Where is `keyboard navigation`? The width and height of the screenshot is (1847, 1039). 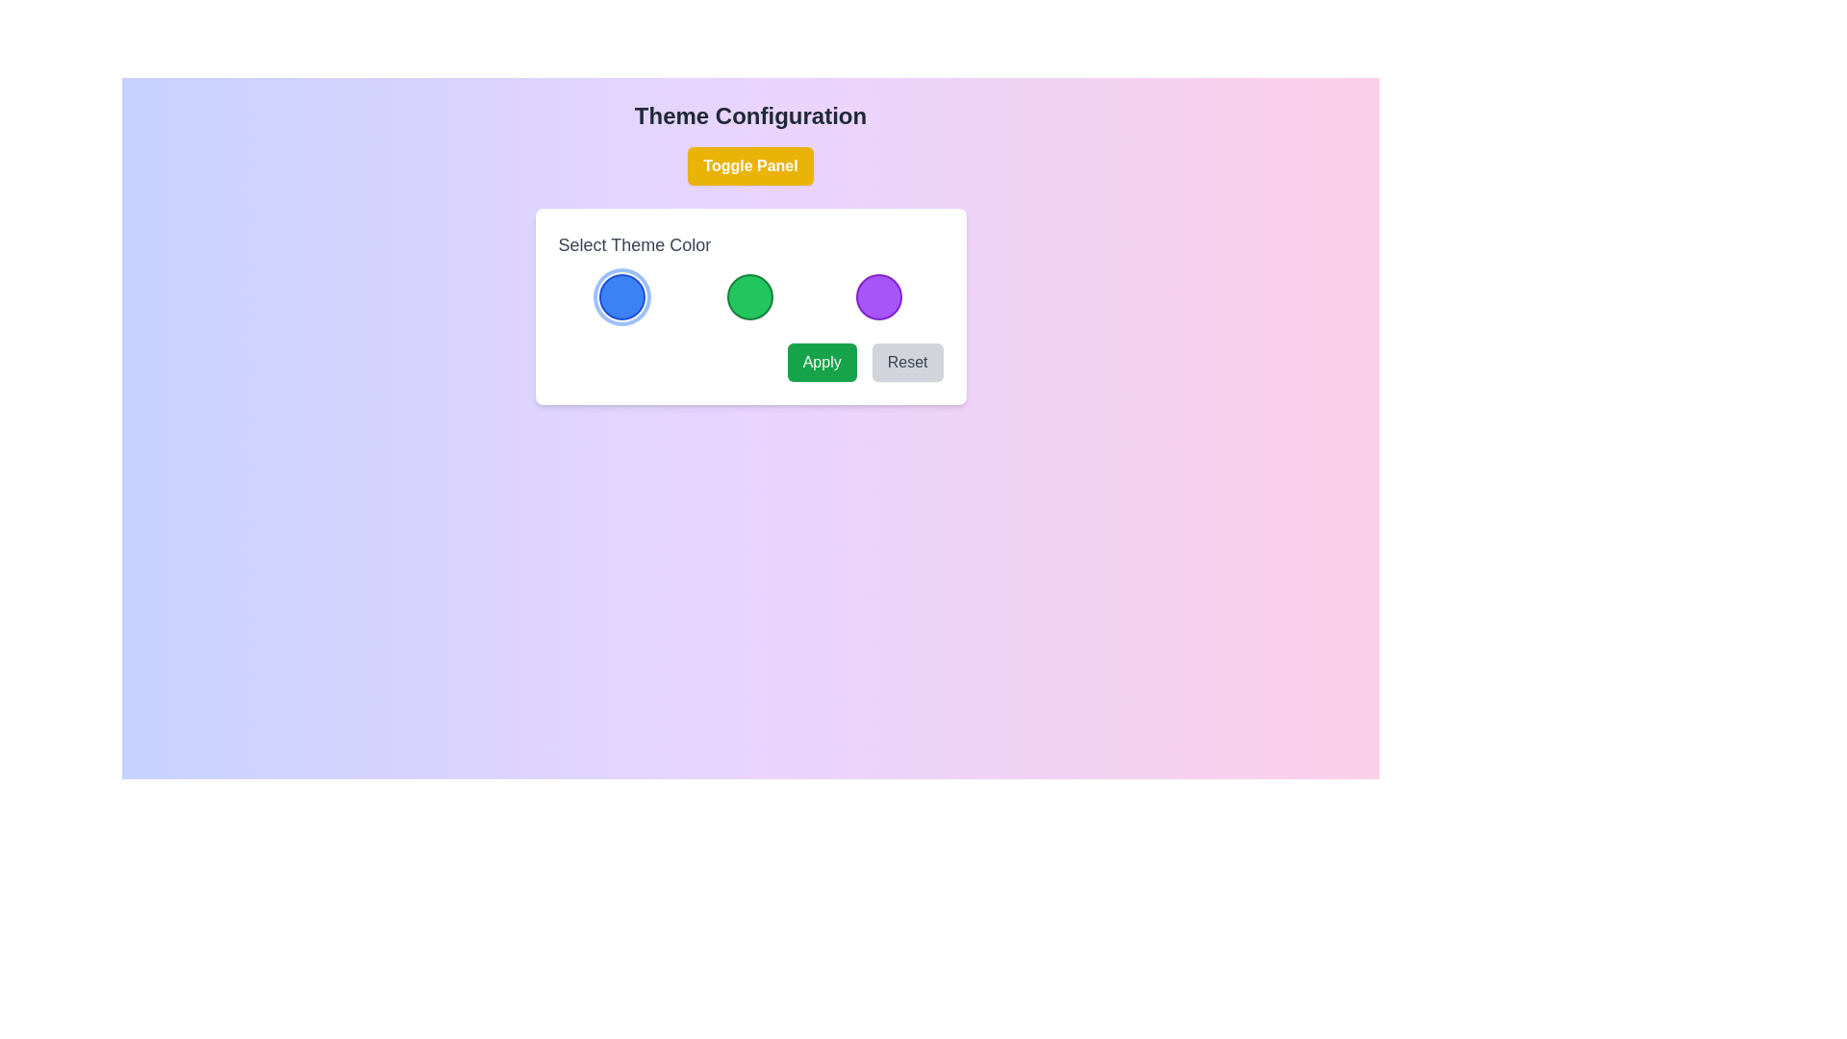
keyboard navigation is located at coordinates (822, 363).